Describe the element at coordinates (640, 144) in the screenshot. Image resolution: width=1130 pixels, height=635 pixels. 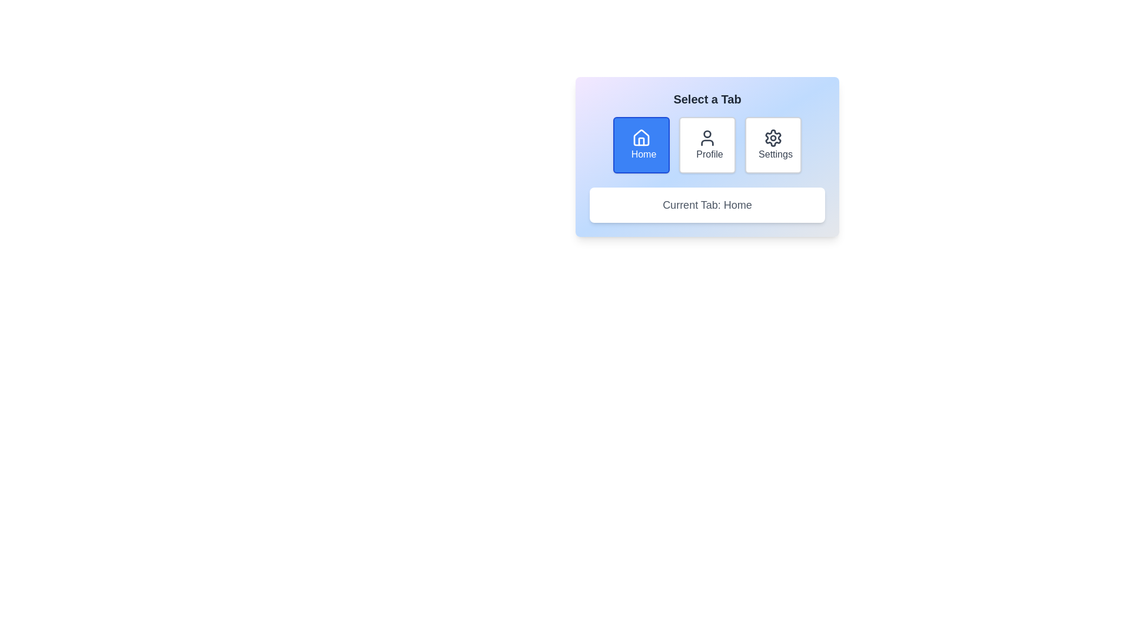
I see `the 'Home' button, which is a bright blue rectangular button with rounded corners, featuring a white house icon and the label 'Home' in white, located in the center of a panel under the 'Select a Tab' label` at that location.